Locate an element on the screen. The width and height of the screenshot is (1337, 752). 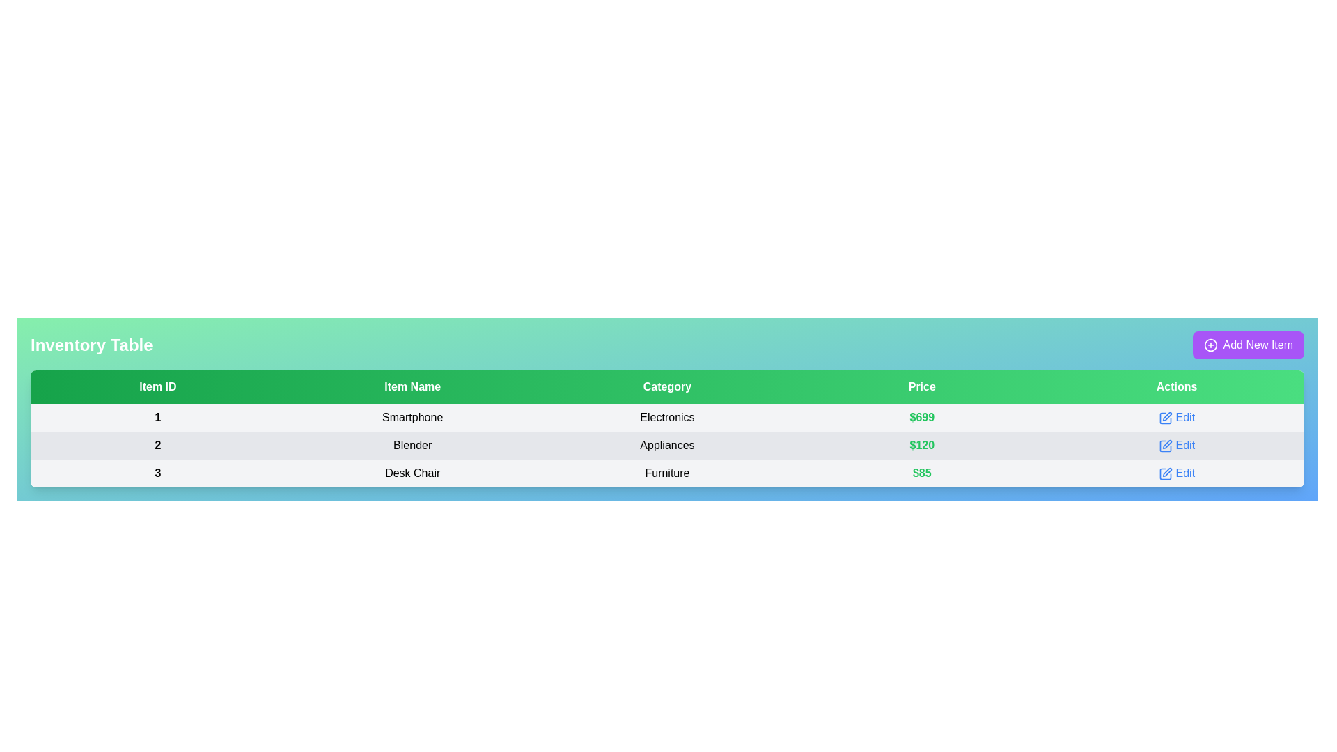
the 'Desk Chair' text label in the 'Item Name' column of the third row in the inventory table is located at coordinates (412, 472).